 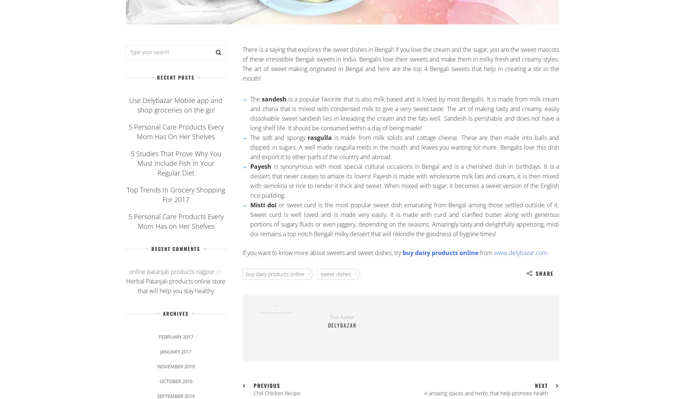 I want to click on 'on', so click(x=218, y=271).